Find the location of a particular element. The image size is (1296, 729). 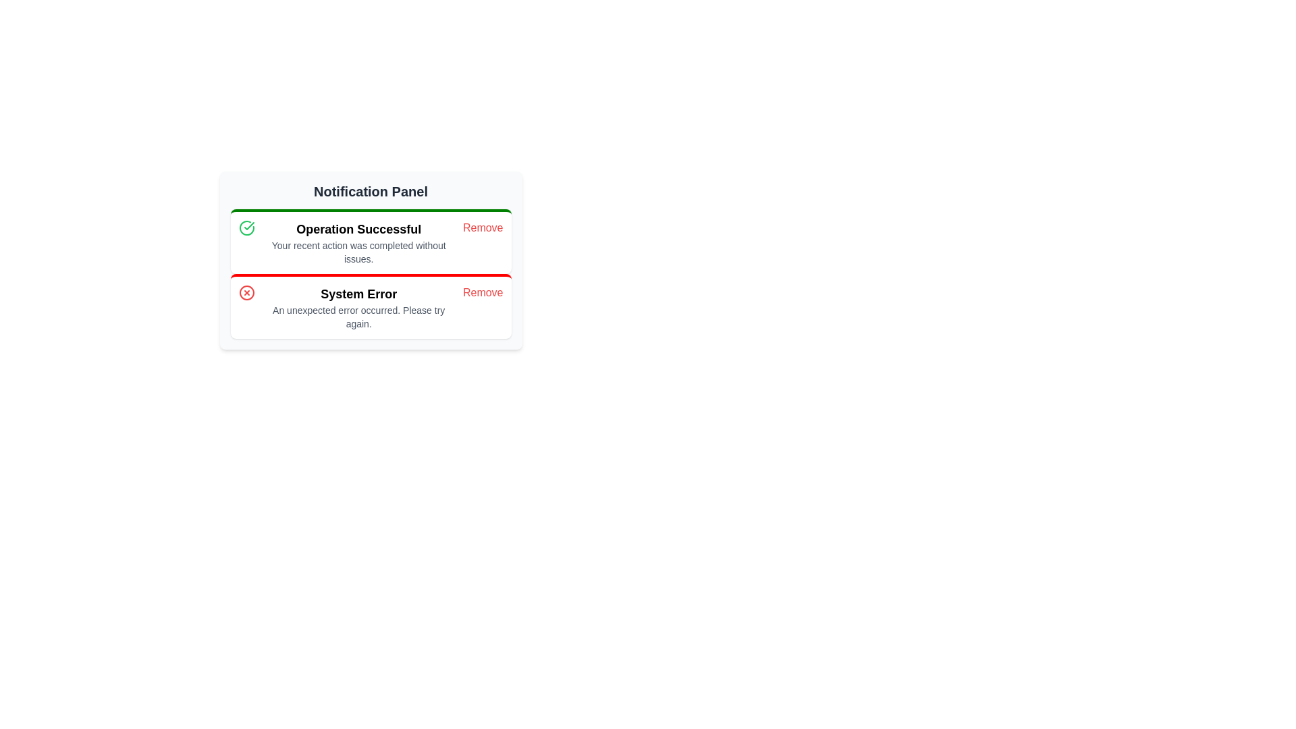

descriptive error message located underneath the 'System Error' title within the notification card is located at coordinates (358, 317).